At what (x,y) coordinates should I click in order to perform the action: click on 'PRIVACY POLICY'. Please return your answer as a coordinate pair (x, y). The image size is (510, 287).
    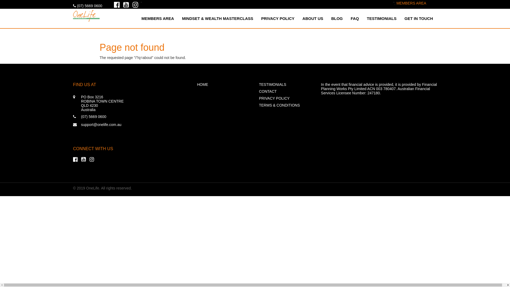
    Looking at the image, I should click on (286, 98).